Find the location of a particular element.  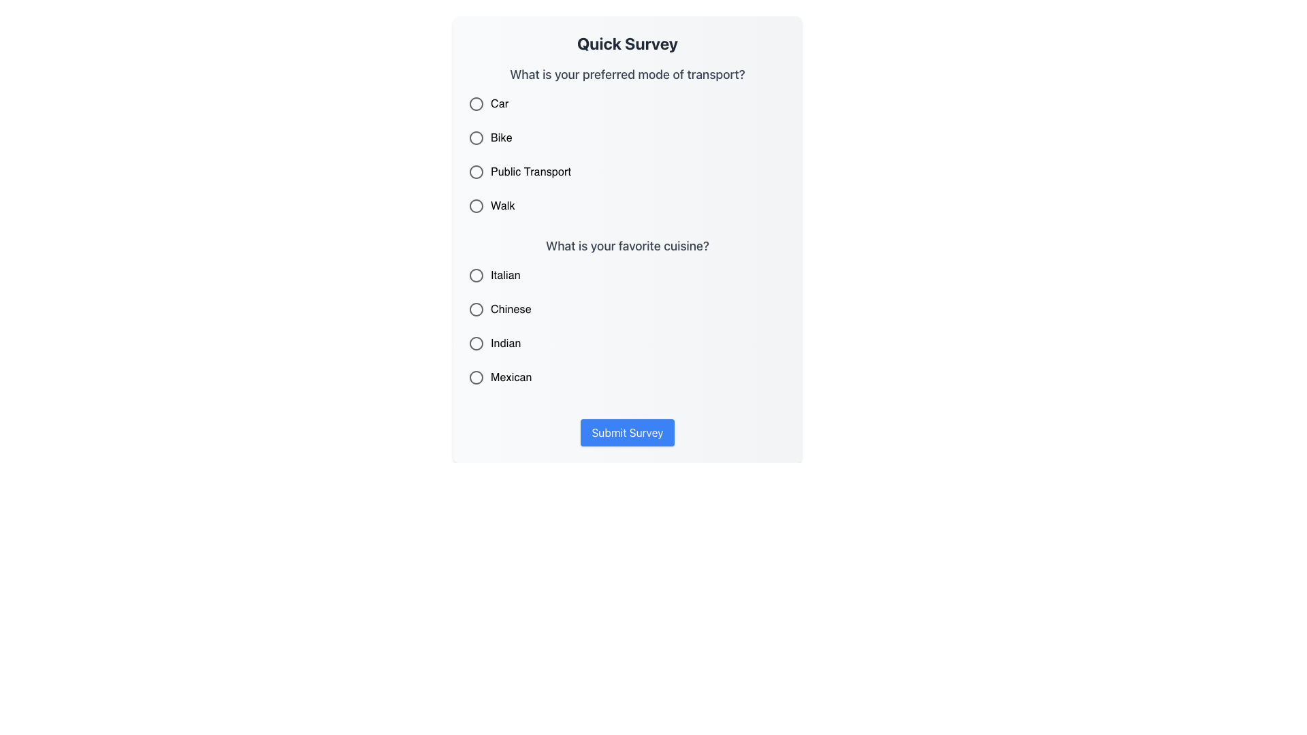

text from the label that describes the selection option 'Public Transport', located in the second column of options under the question 'What is your preferred mode of transport' is located at coordinates (530, 171).